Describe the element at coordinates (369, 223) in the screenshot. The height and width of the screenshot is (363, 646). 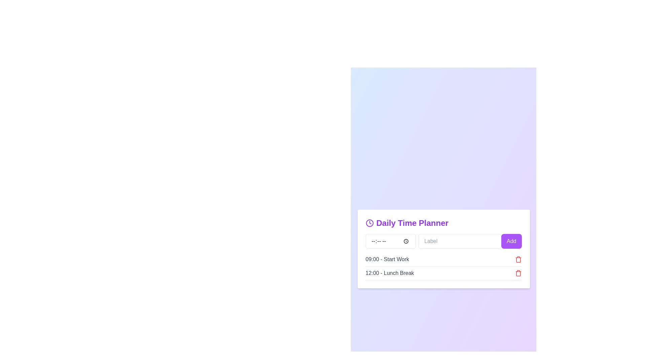
I see `the circle at the center of the clock icon, which is located to the left of the title 'Daily Time Planner'` at that location.